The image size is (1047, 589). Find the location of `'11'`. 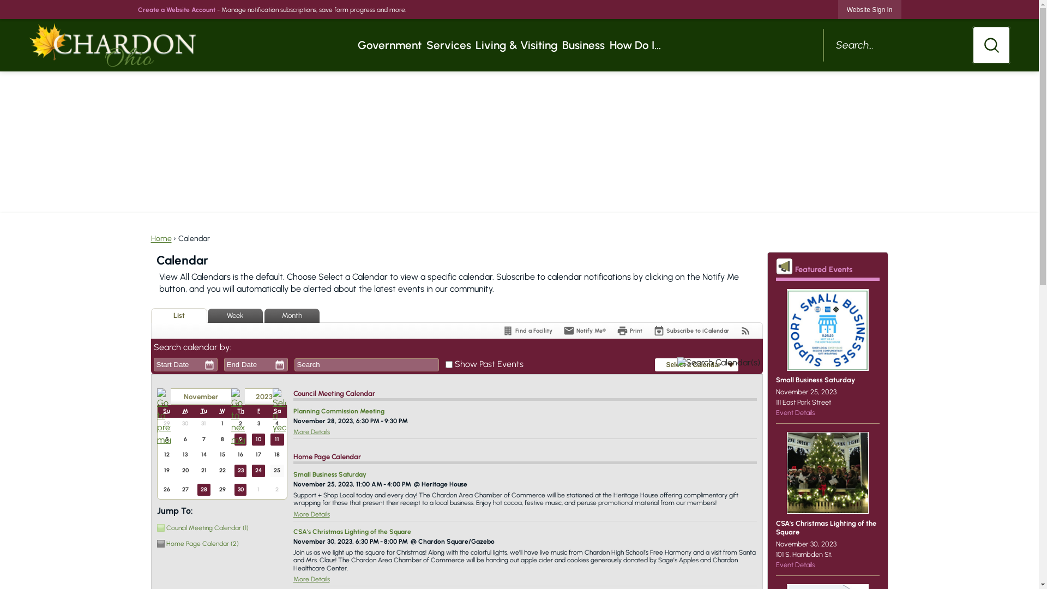

'11' is located at coordinates (277, 439).